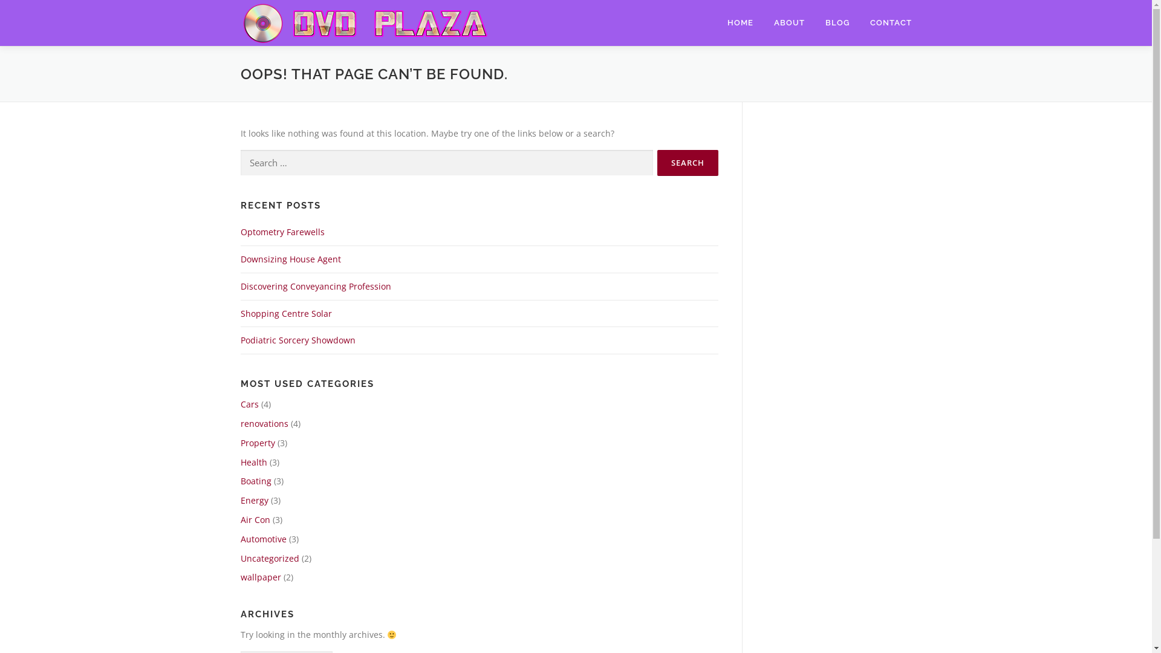  What do you see at coordinates (298, 340) in the screenshot?
I see `'Podiatric Sorcery Showdown'` at bounding box center [298, 340].